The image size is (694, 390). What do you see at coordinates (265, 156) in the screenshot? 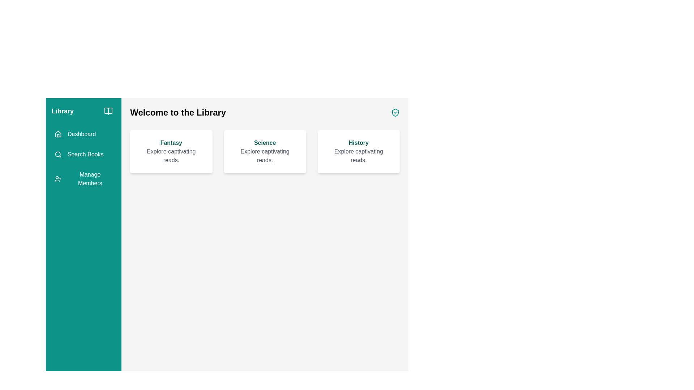
I see `the text label displaying 'Explore captivating reads.' which is centrally located below the title 'Science' in a white card layout` at bounding box center [265, 156].